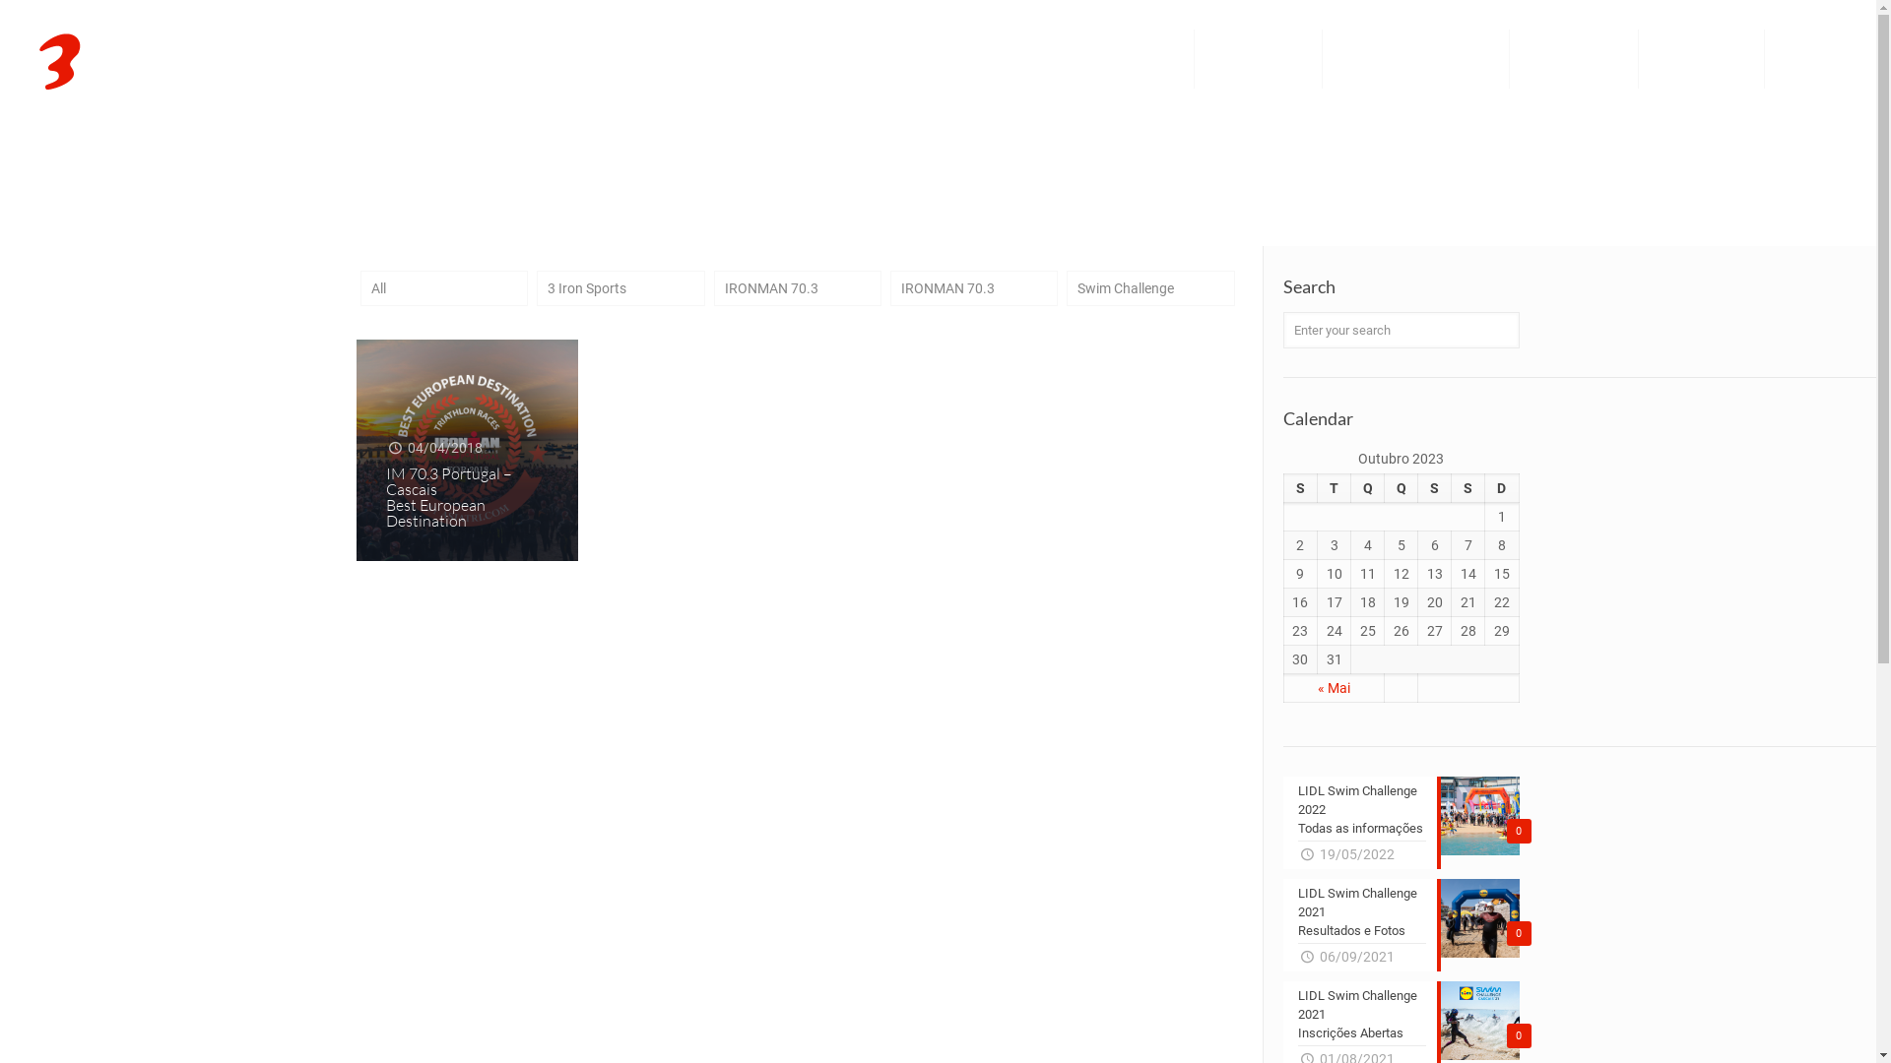 The image size is (1891, 1063). I want to click on '3 Iron Sports', so click(161, 58).